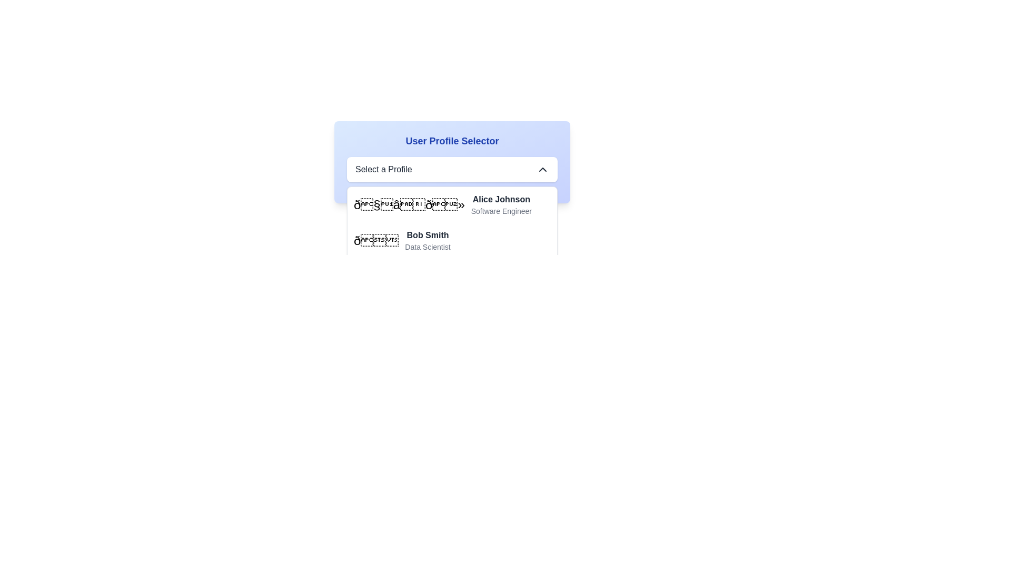 The width and height of the screenshot is (1011, 569). Describe the element at coordinates (501, 211) in the screenshot. I see `the Text label displaying the job title associated with 'Alice Johnson', which is located directly below the name in the user profile selection interface` at that location.